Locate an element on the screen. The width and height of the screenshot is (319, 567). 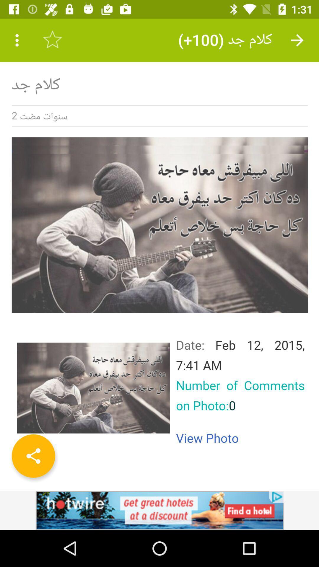
the share icon is located at coordinates (33, 456).